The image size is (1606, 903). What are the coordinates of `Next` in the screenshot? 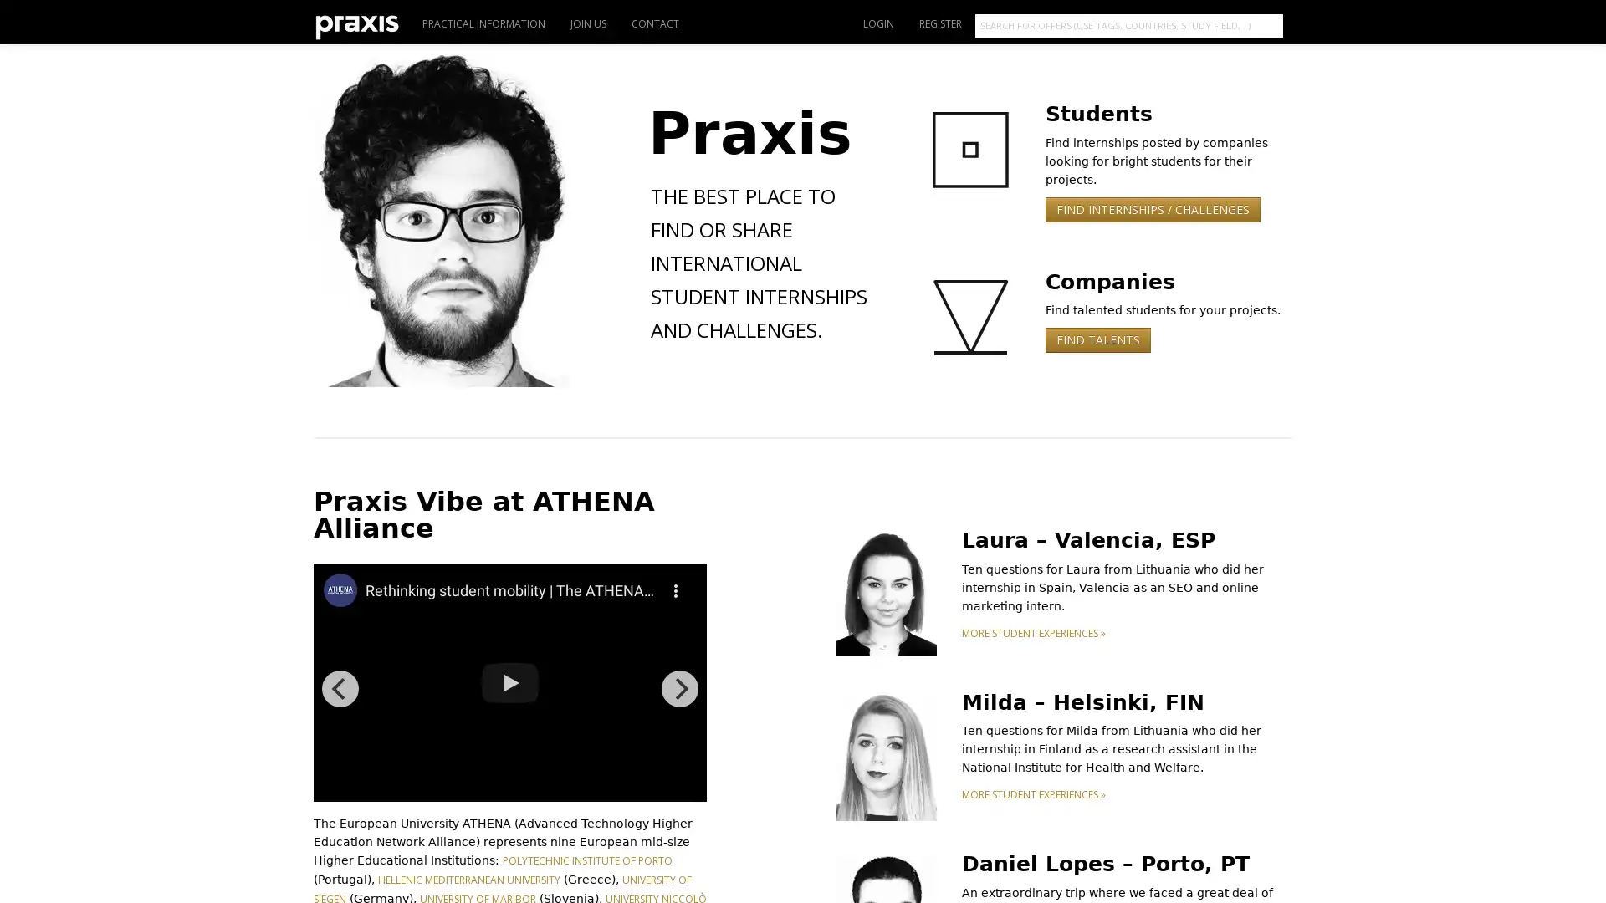 It's located at (679, 689).